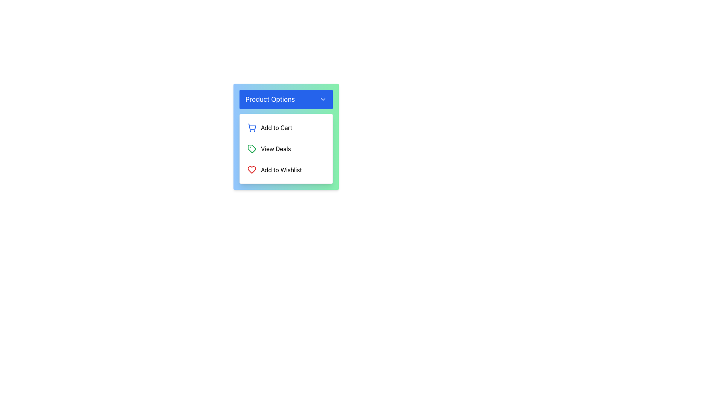  I want to click on the main body of the shopping cart icon, which is the first icon in the vertical list under the 'Product Options' dropdown, positioned above the 'Add to Cart' label, so click(252, 126).